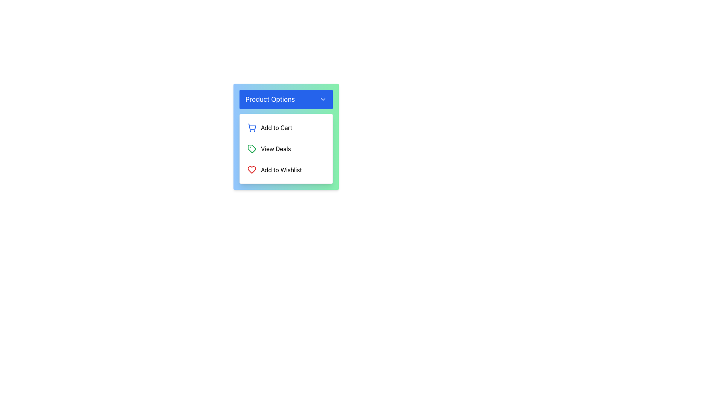  I want to click on the main body of the shopping cart icon, which is the first icon in the vertical list under the 'Product Options' dropdown, positioned above the 'Add to Cart' label, so click(252, 126).